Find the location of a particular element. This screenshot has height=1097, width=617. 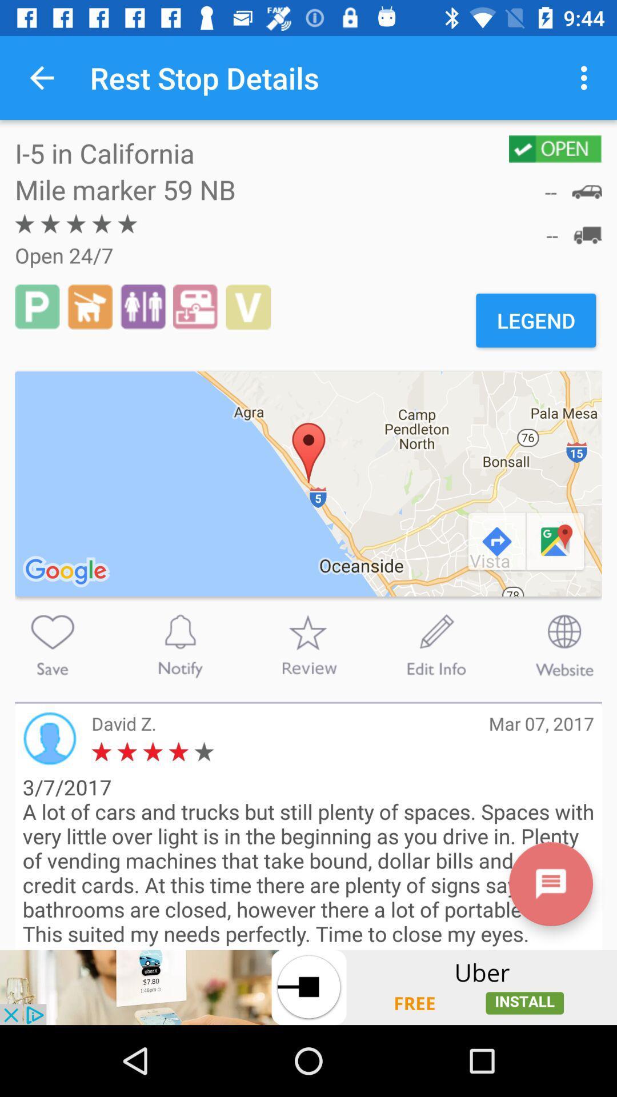

read more text is located at coordinates (550, 883).